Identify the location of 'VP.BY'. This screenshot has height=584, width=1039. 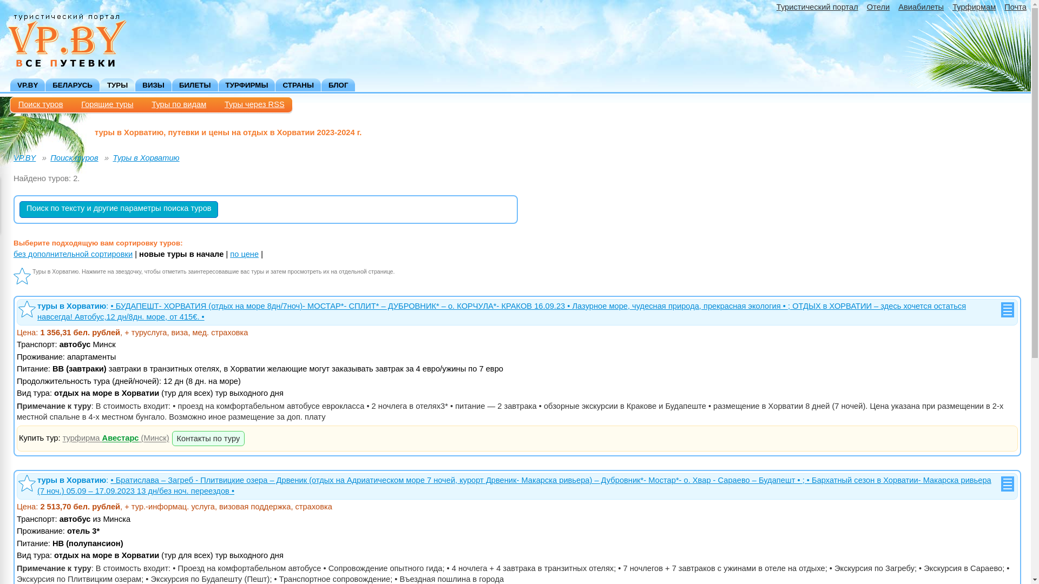
(24, 158).